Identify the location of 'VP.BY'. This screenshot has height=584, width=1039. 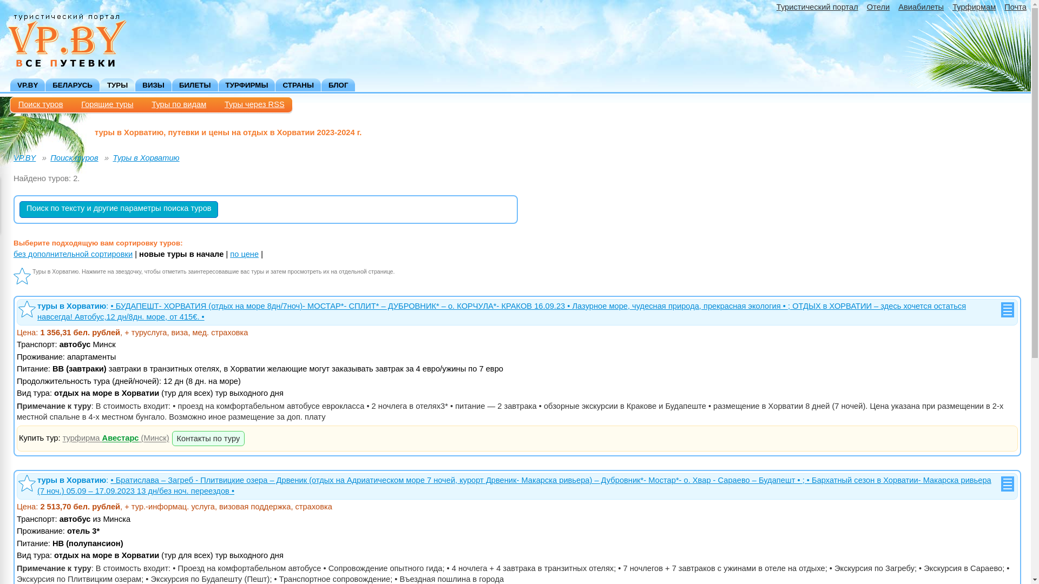
(24, 158).